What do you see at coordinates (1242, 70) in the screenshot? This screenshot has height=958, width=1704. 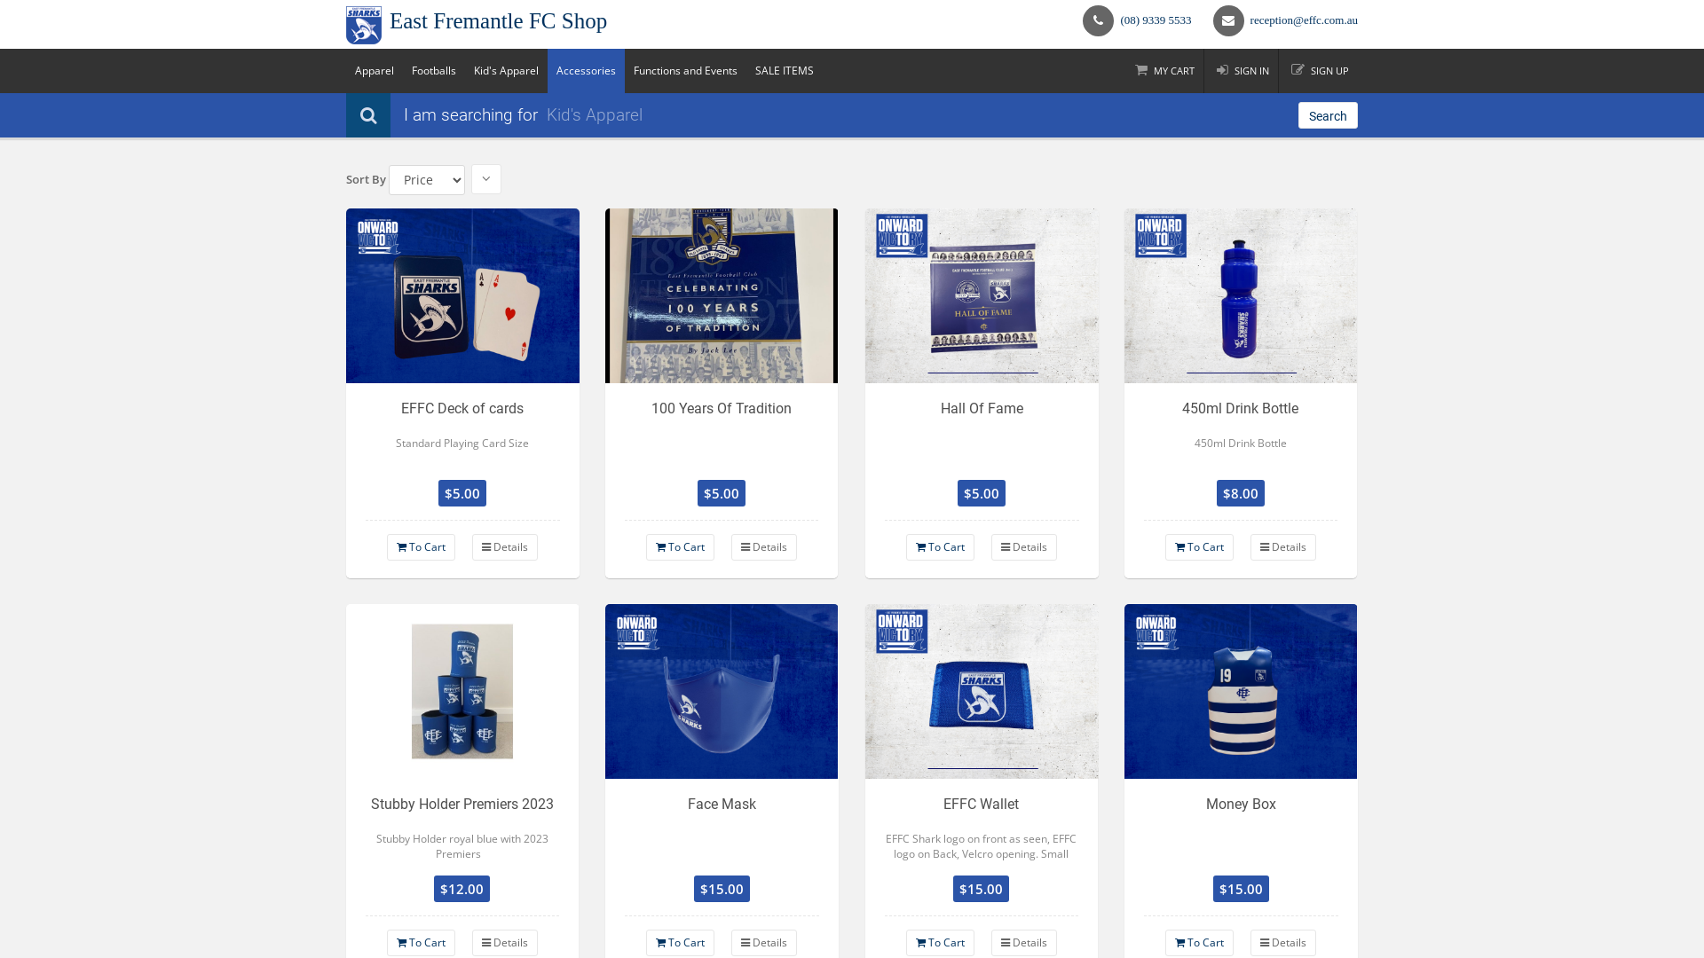 I see `'SIGN IN'` at bounding box center [1242, 70].